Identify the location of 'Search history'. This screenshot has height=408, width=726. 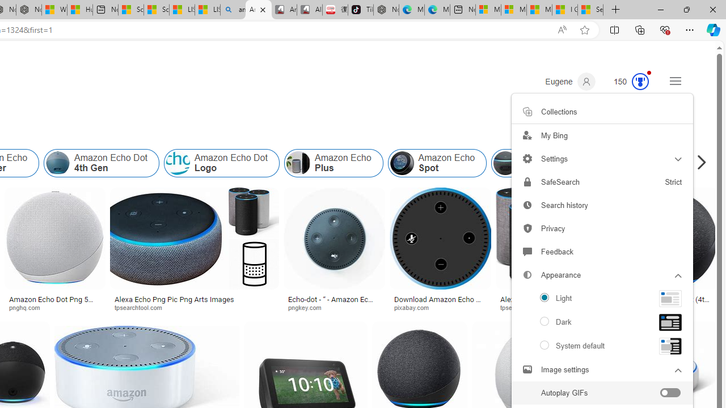
(602, 205).